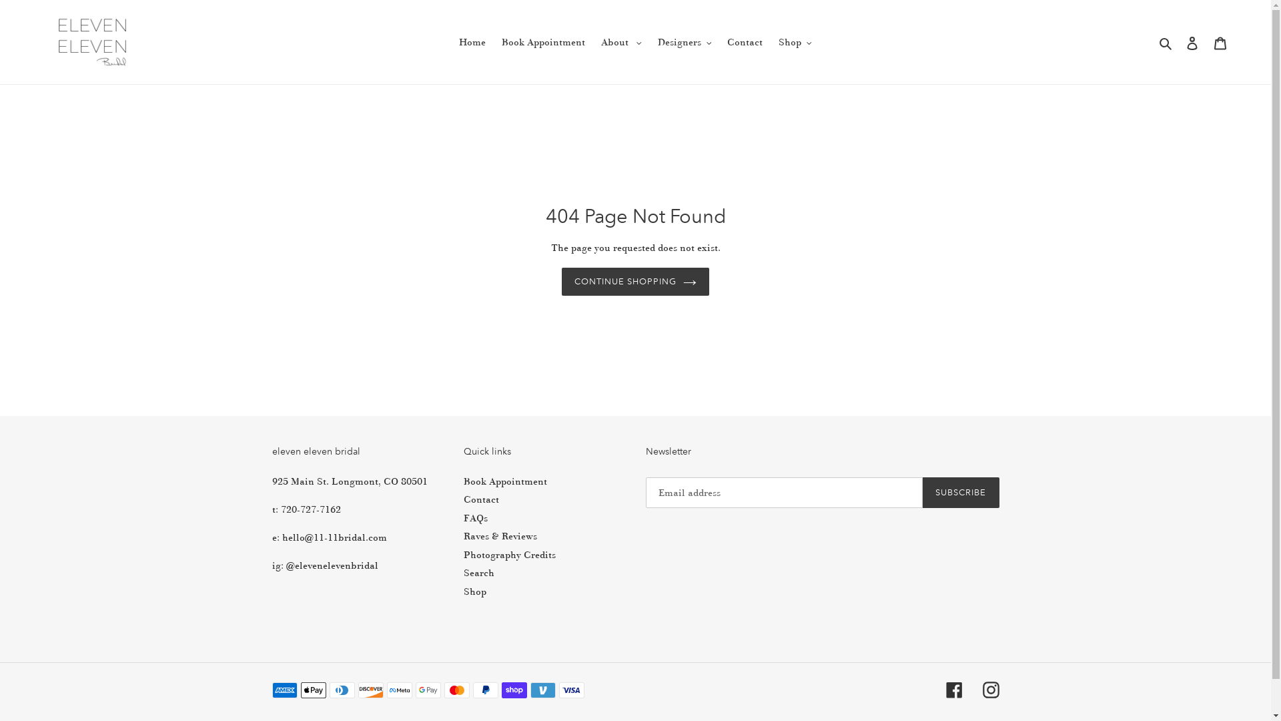 Image resolution: width=1281 pixels, height=721 pixels. I want to click on 'Contact', so click(480, 499).